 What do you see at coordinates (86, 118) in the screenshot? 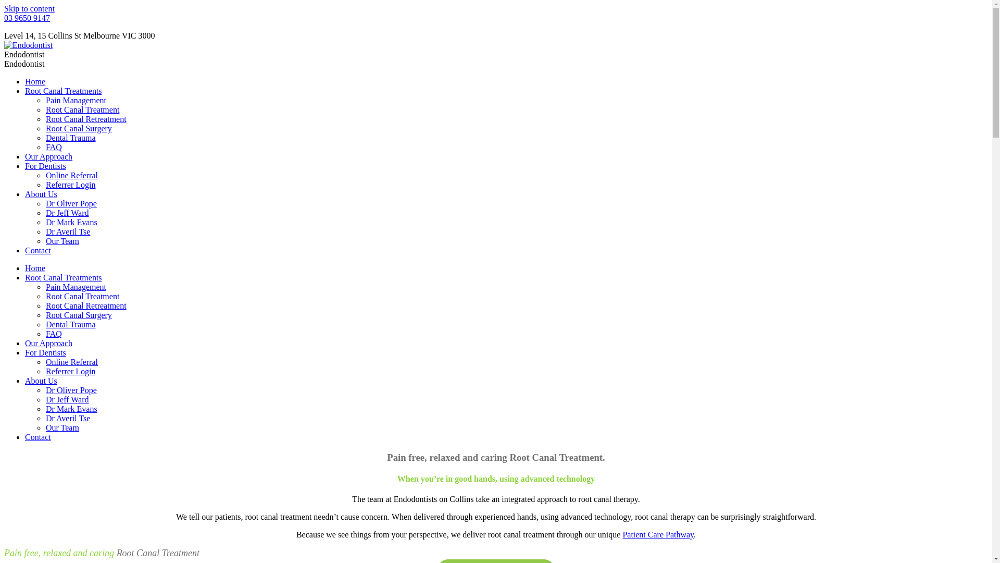
I see `'Root Canal Retreatment'` at bounding box center [86, 118].